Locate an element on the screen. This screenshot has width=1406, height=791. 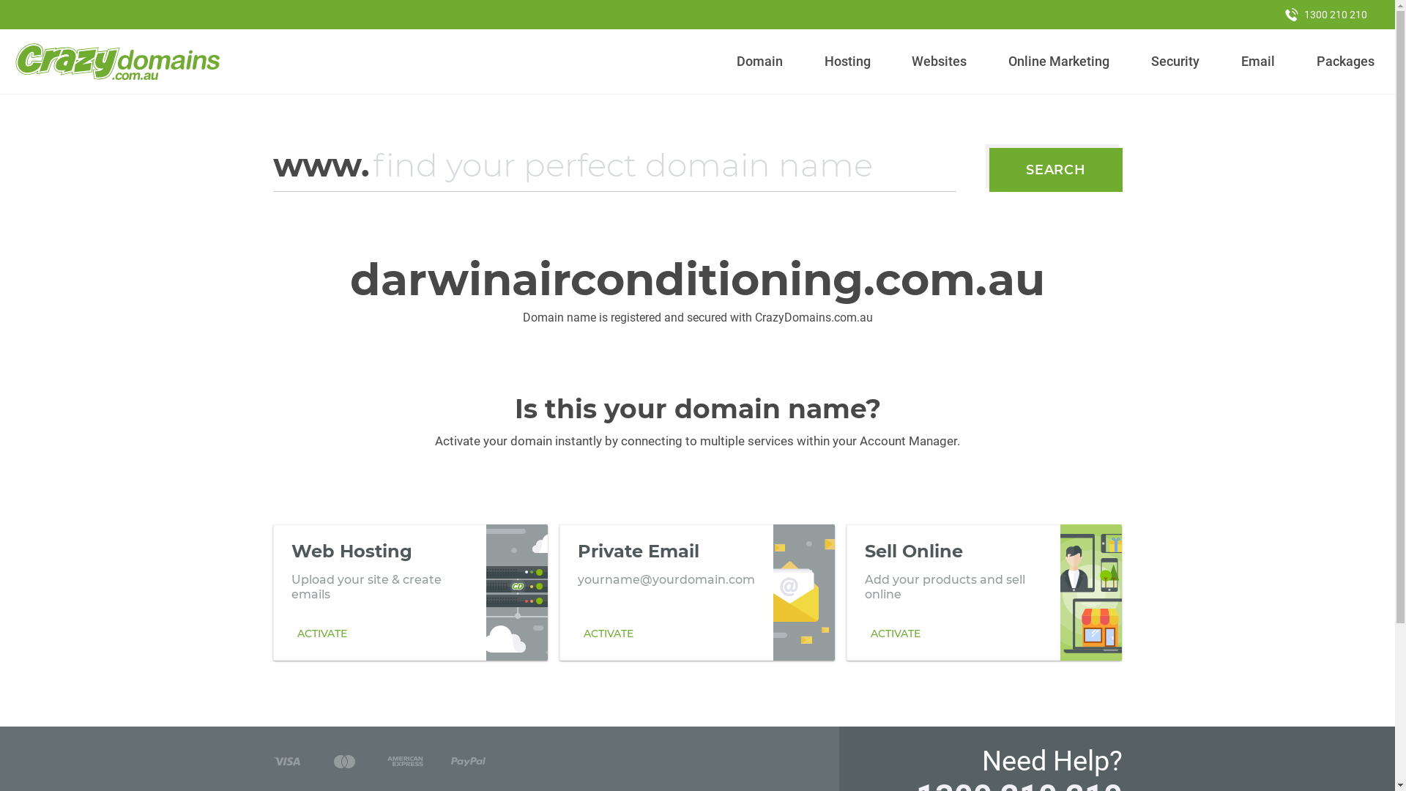
'Packages' is located at coordinates (1345, 61).